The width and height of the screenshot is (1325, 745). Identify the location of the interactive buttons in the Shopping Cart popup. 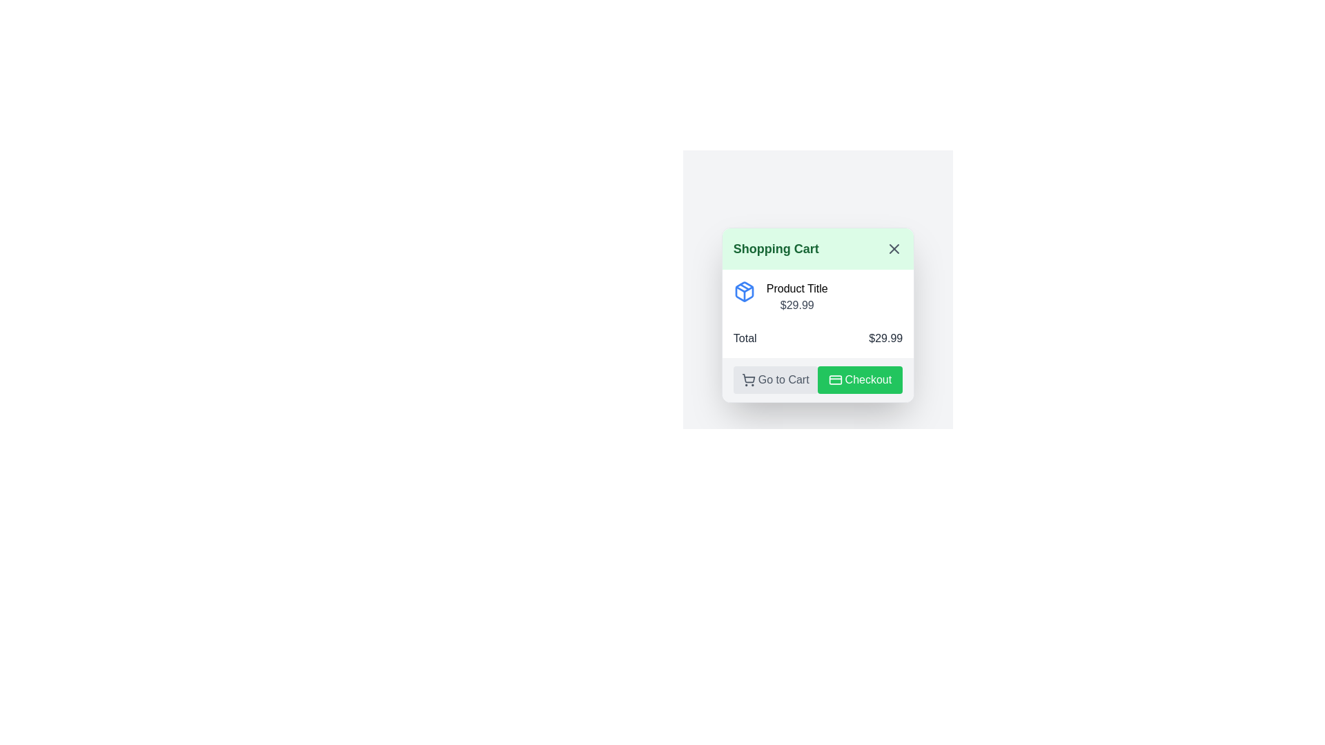
(818, 281).